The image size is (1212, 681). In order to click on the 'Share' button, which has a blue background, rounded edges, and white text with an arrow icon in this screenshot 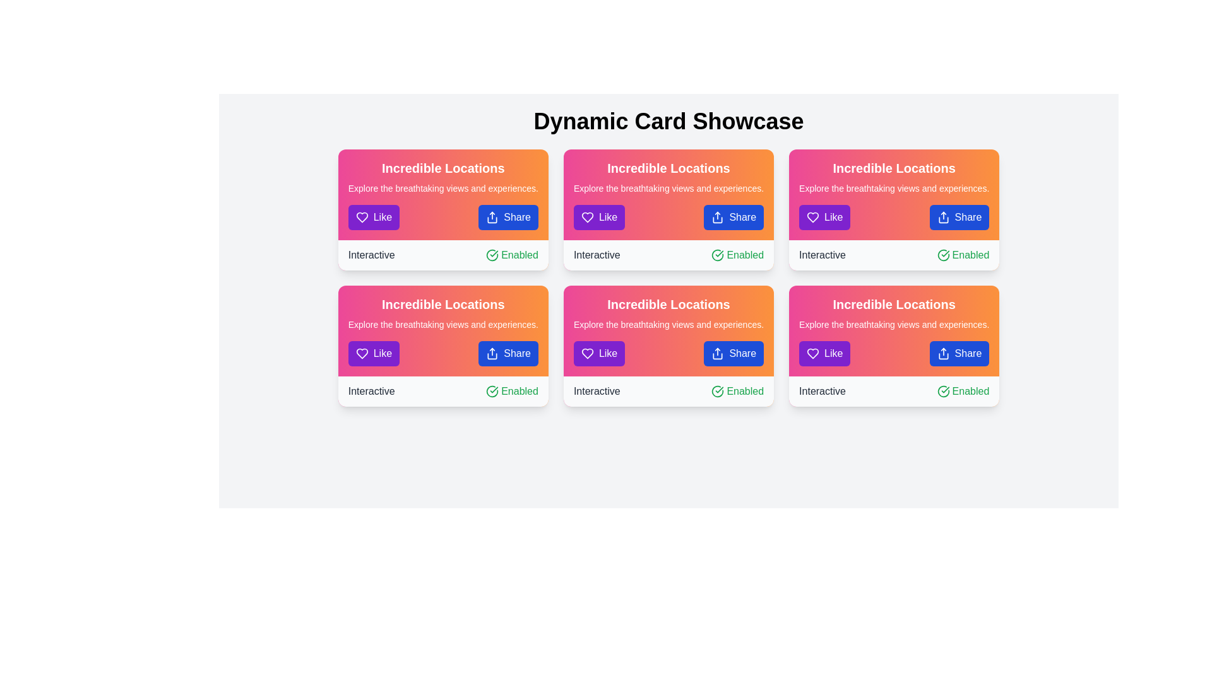, I will do `click(959, 216)`.